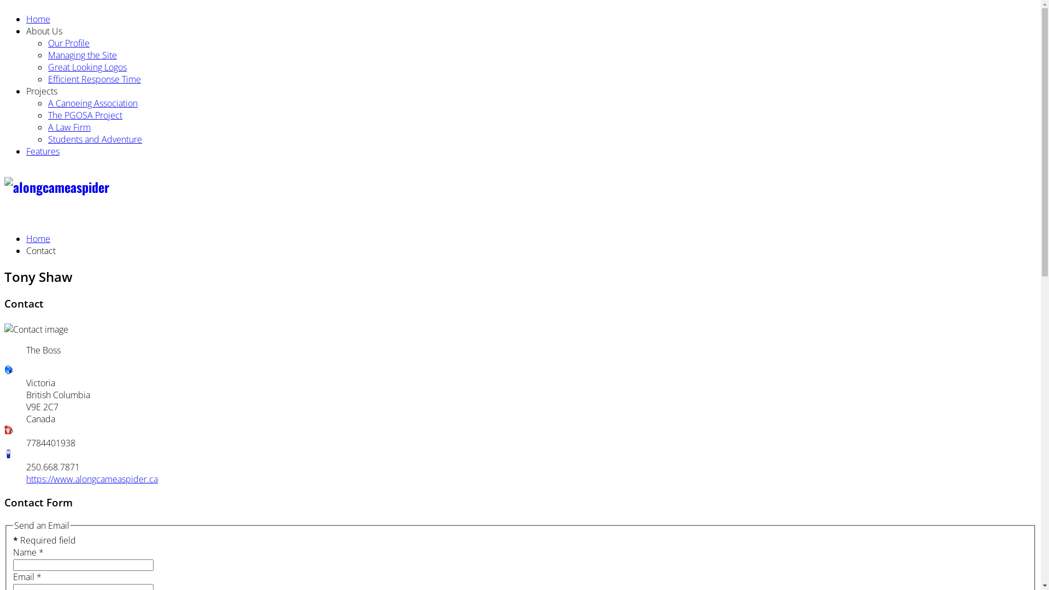  I want to click on 'Efficient Response Time', so click(94, 79).